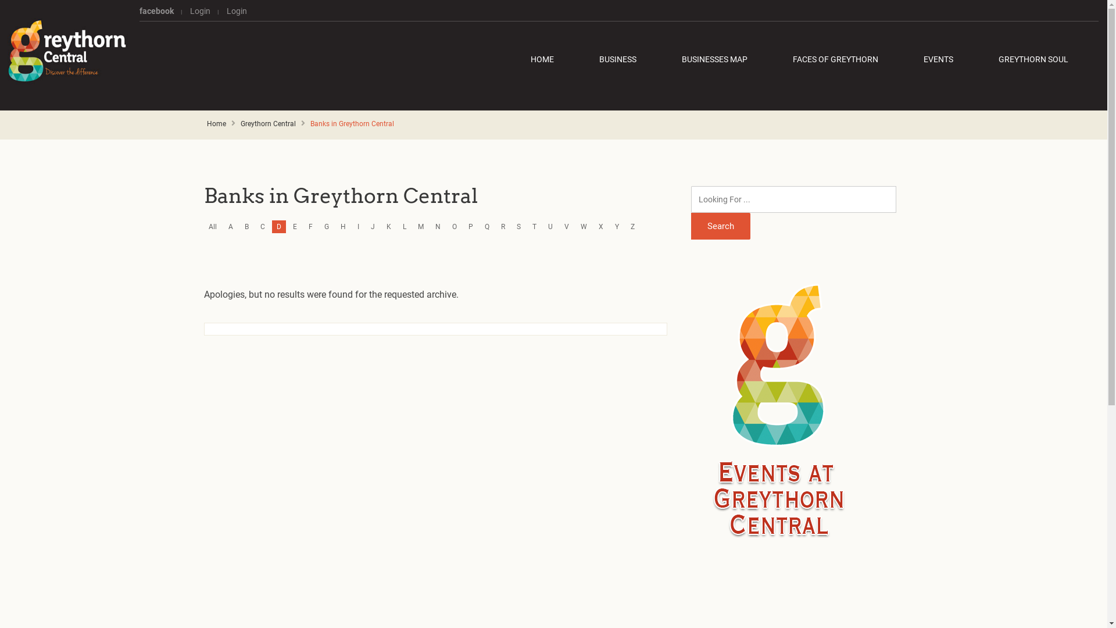  What do you see at coordinates (357, 226) in the screenshot?
I see `'I'` at bounding box center [357, 226].